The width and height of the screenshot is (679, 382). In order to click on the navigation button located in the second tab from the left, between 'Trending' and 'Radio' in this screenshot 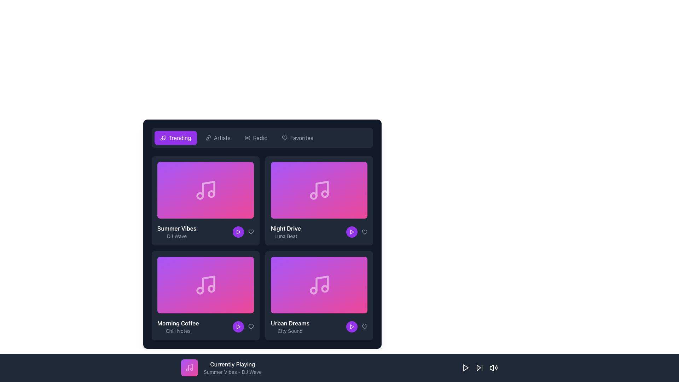, I will do `click(217, 138)`.